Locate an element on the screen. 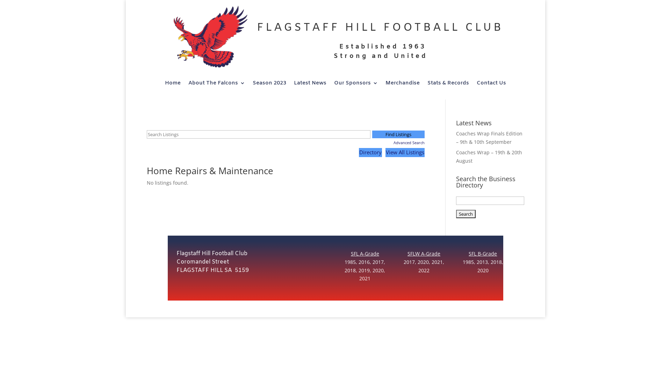 This screenshot has width=671, height=377. 'Directory' is located at coordinates (370, 152).